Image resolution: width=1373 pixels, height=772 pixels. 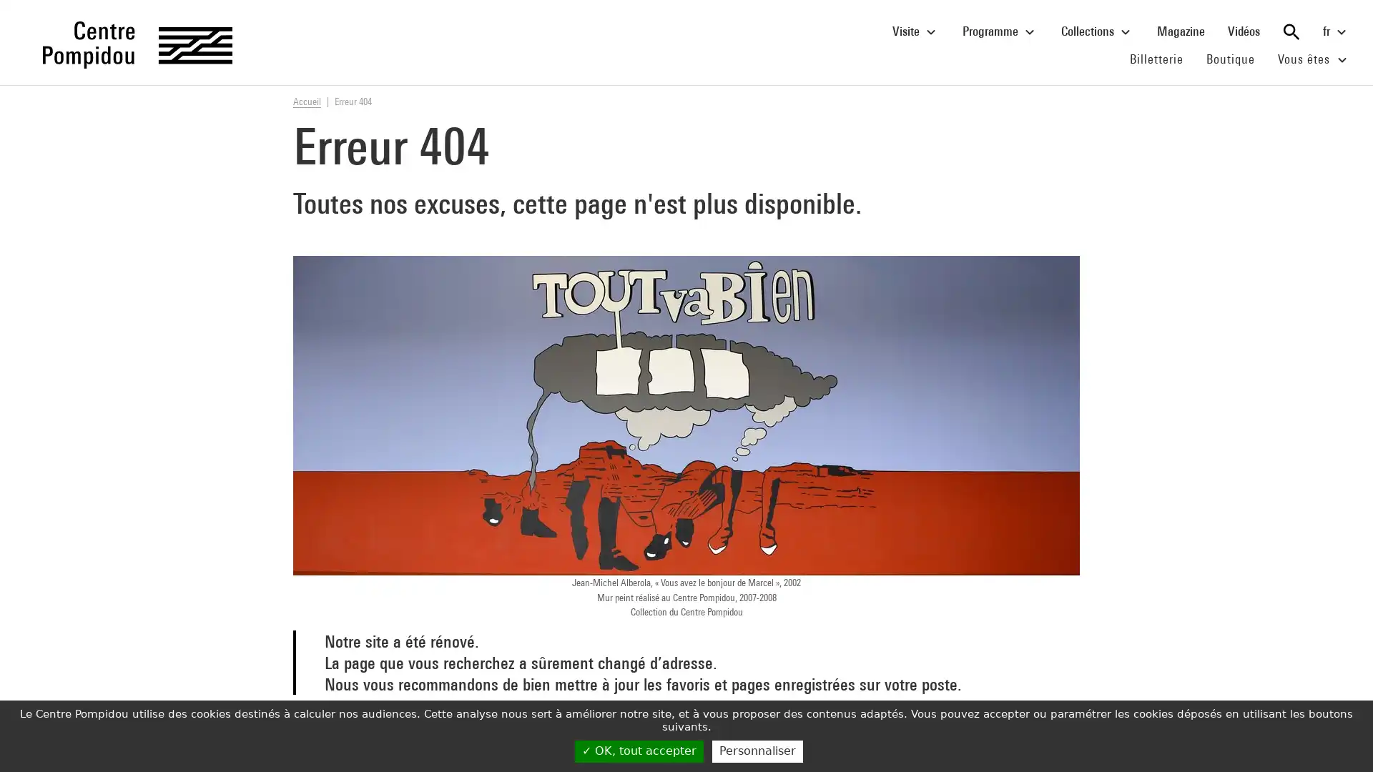 I want to click on OK, tout accepter, so click(x=638, y=751).